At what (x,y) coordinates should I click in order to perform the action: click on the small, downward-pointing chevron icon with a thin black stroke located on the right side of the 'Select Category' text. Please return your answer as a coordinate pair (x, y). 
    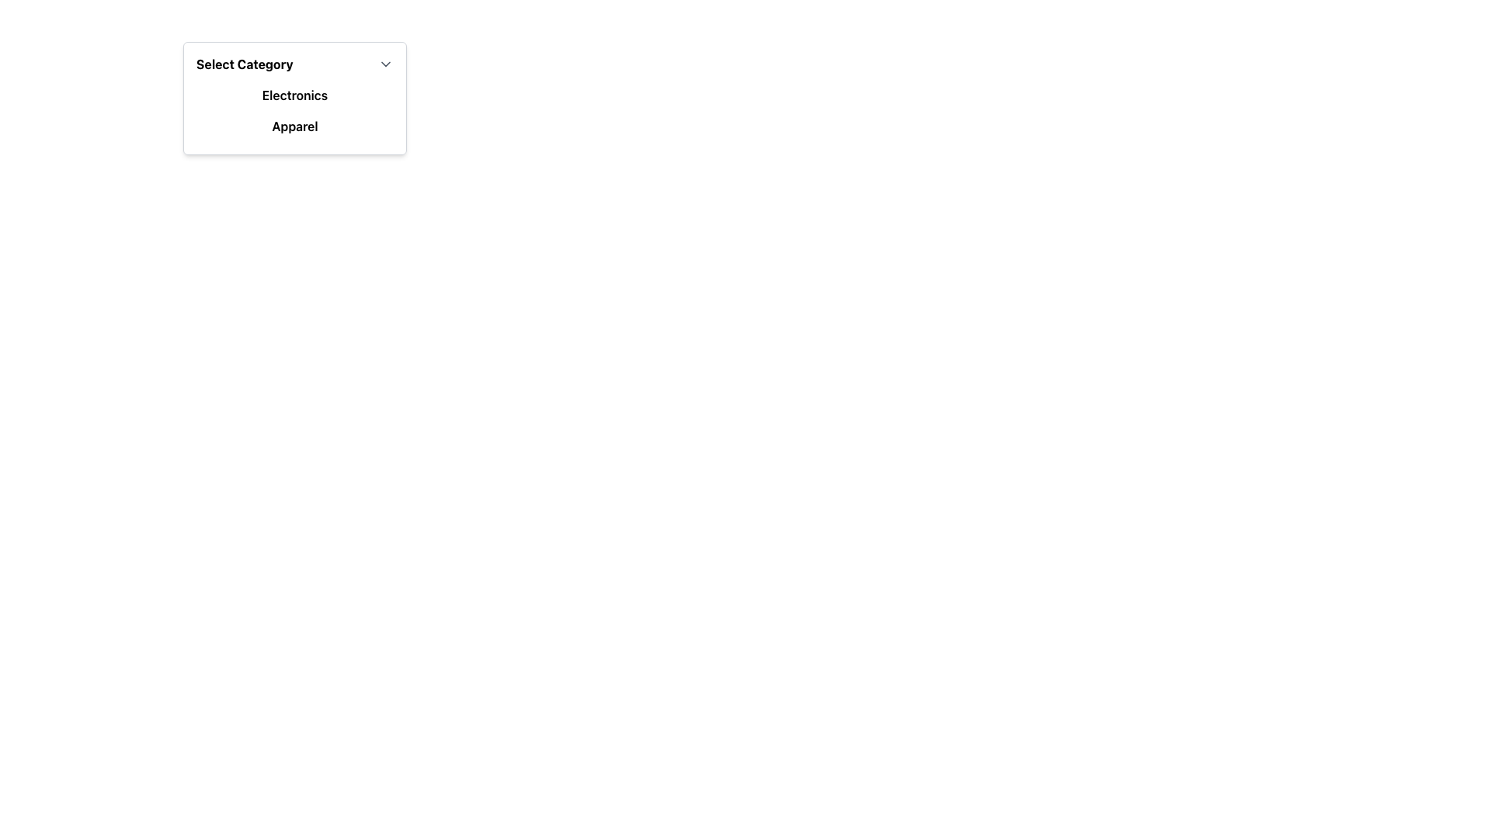
    Looking at the image, I should click on (386, 64).